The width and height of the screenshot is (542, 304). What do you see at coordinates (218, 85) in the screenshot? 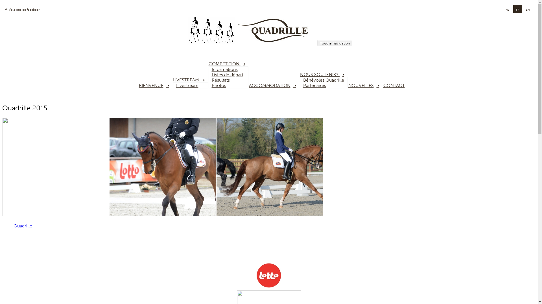
I see `'Photos'` at bounding box center [218, 85].